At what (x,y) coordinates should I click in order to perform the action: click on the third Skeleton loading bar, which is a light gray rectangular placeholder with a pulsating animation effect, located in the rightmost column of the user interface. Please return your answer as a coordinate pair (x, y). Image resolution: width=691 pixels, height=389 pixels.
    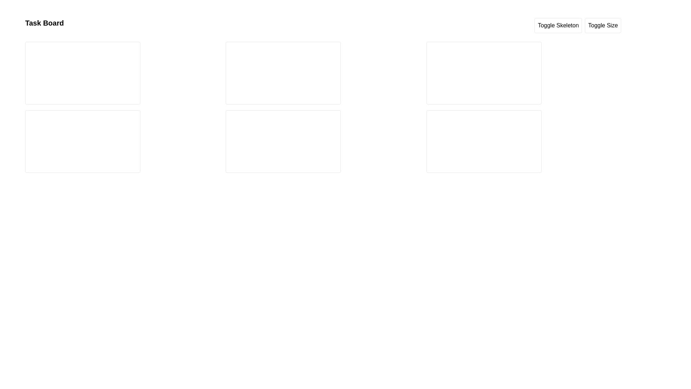
    Looking at the image, I should click on (466, 94).